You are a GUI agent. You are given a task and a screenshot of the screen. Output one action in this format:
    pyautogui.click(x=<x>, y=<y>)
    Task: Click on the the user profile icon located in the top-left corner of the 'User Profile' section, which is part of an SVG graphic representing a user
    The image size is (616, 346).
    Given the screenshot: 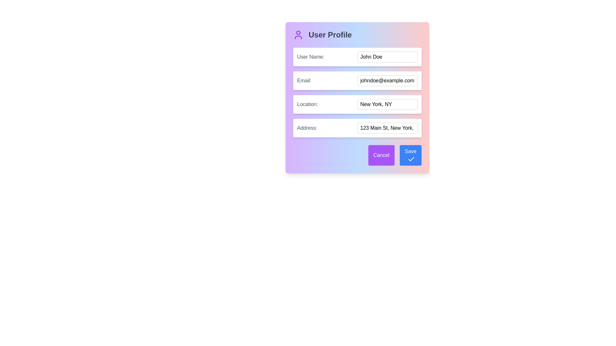 What is the action you would take?
    pyautogui.click(x=298, y=32)
    